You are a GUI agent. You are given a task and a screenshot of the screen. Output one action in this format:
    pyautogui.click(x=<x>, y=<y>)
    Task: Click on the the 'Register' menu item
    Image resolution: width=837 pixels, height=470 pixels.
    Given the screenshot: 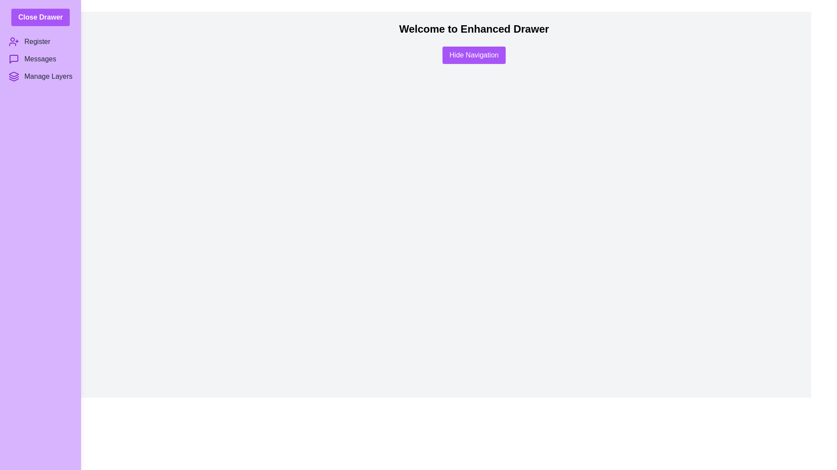 What is the action you would take?
    pyautogui.click(x=40, y=42)
    